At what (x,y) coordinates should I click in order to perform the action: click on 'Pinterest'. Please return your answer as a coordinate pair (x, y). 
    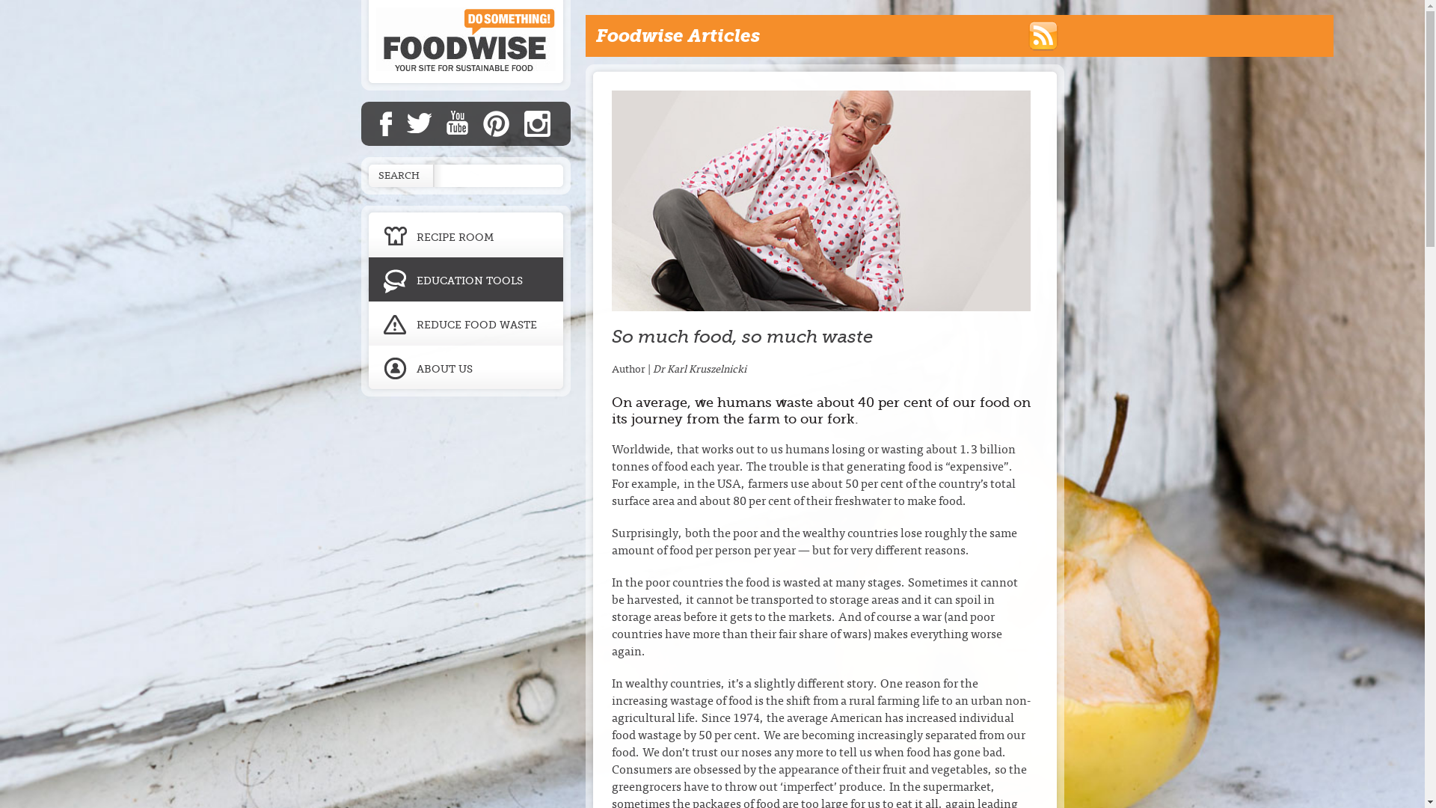
    Looking at the image, I should click on (496, 123).